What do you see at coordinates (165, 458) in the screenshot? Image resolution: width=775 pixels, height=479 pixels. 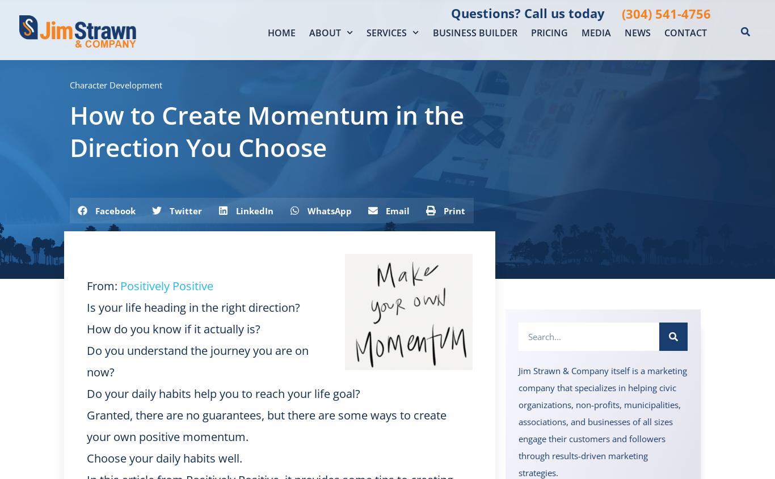 I see `'Choose your daily habits well.'` at bounding box center [165, 458].